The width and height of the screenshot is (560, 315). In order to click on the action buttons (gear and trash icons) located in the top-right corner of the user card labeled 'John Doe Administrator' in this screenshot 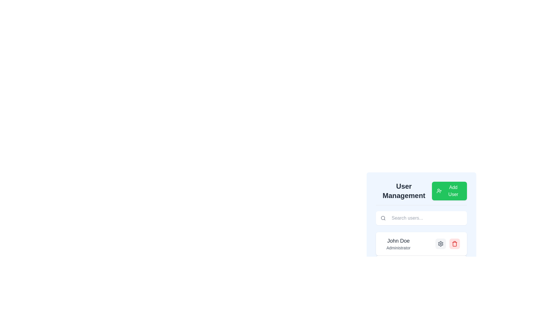, I will do `click(447, 244)`.